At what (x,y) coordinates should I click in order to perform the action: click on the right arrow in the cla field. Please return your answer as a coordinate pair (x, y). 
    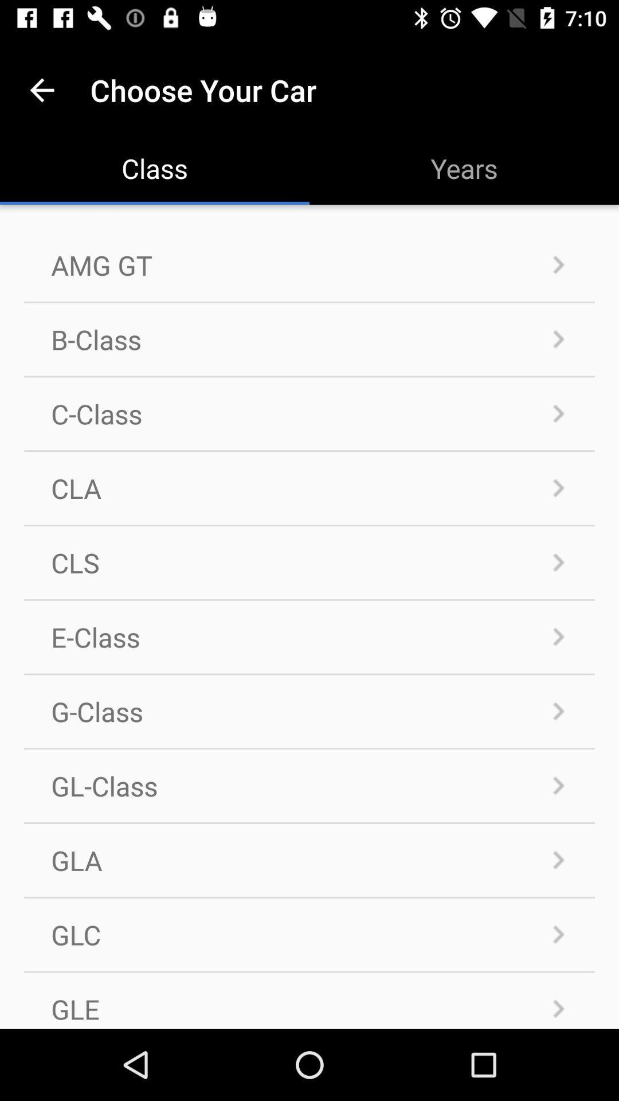
    Looking at the image, I should click on (558, 488).